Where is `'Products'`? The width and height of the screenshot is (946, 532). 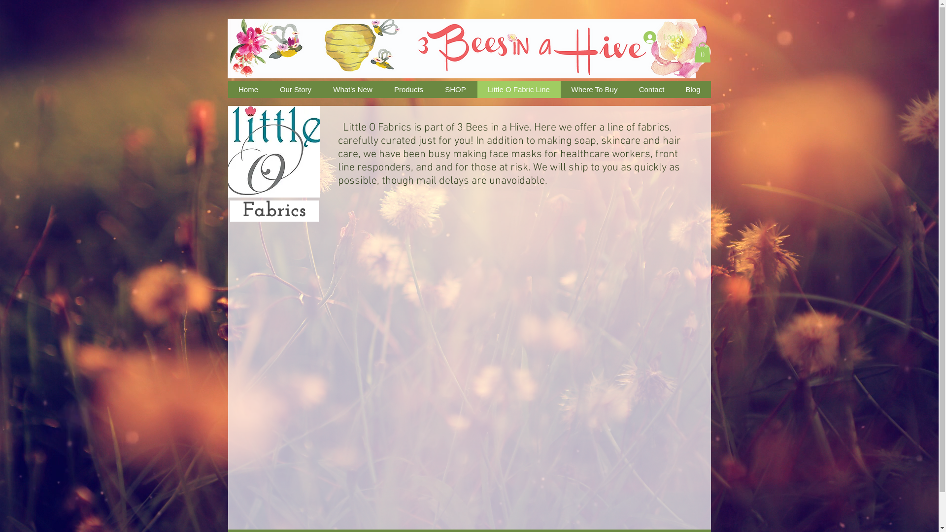
'Products' is located at coordinates (408, 89).